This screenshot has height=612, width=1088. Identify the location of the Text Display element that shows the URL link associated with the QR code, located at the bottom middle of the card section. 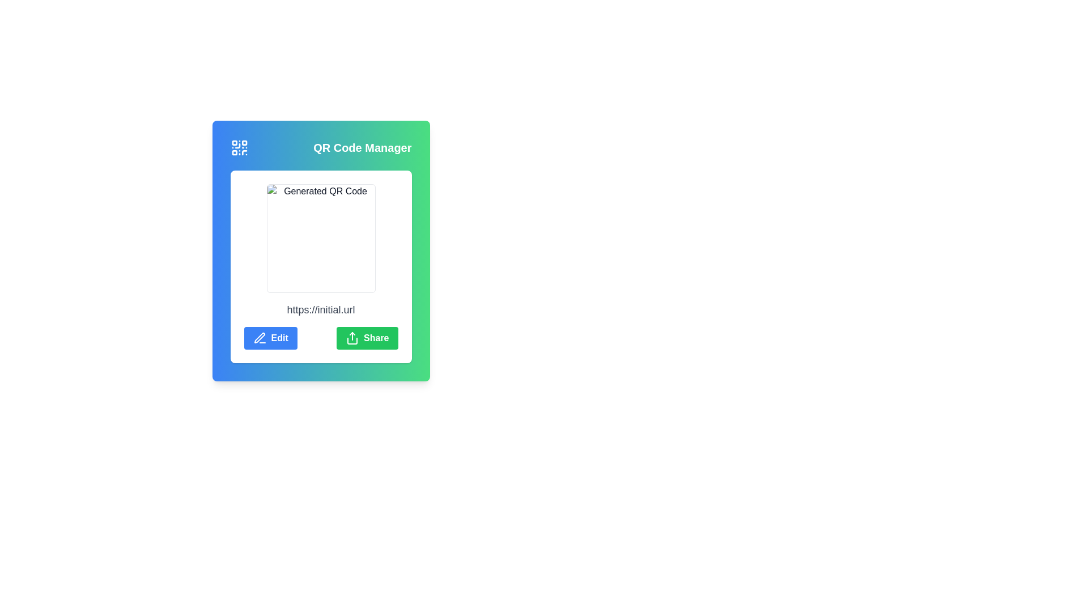
(320, 310).